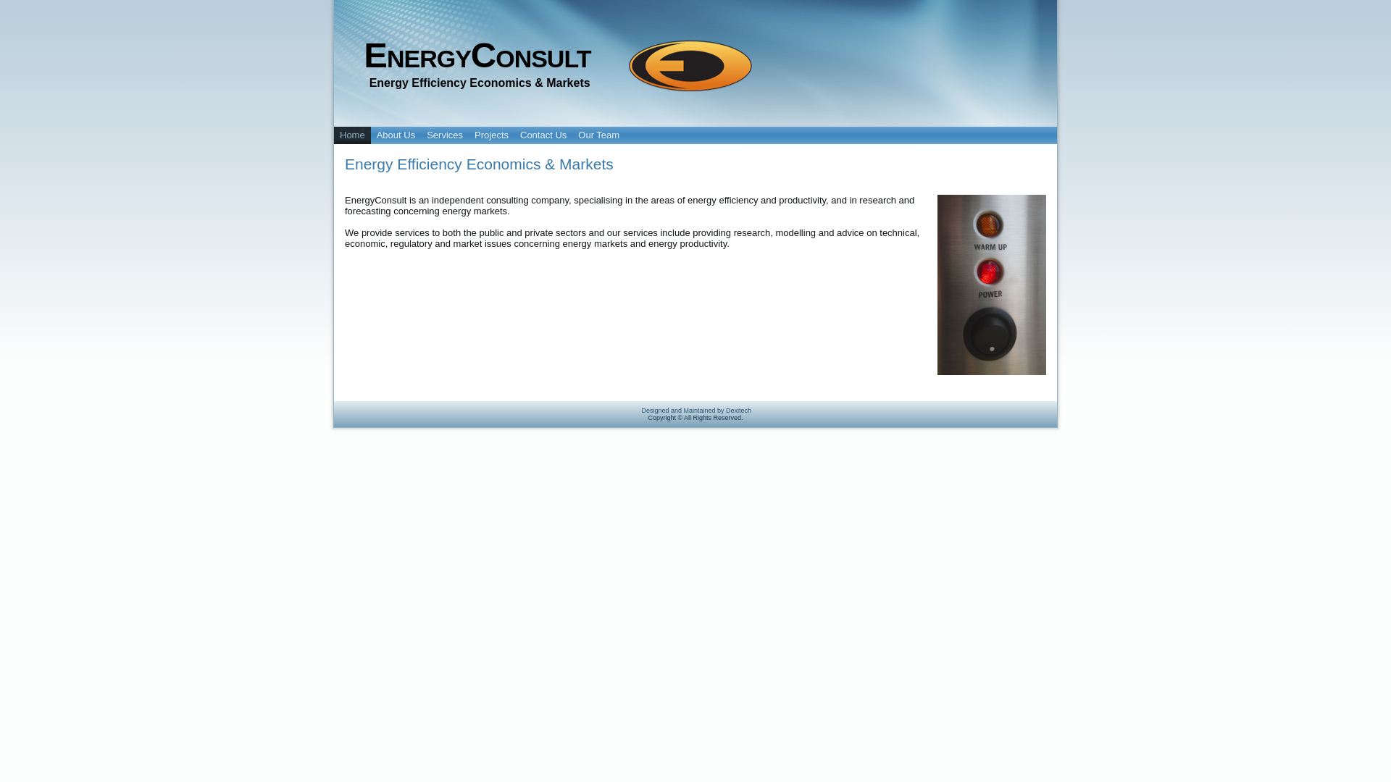 The image size is (1391, 782). I want to click on 'Home', so click(352, 135).